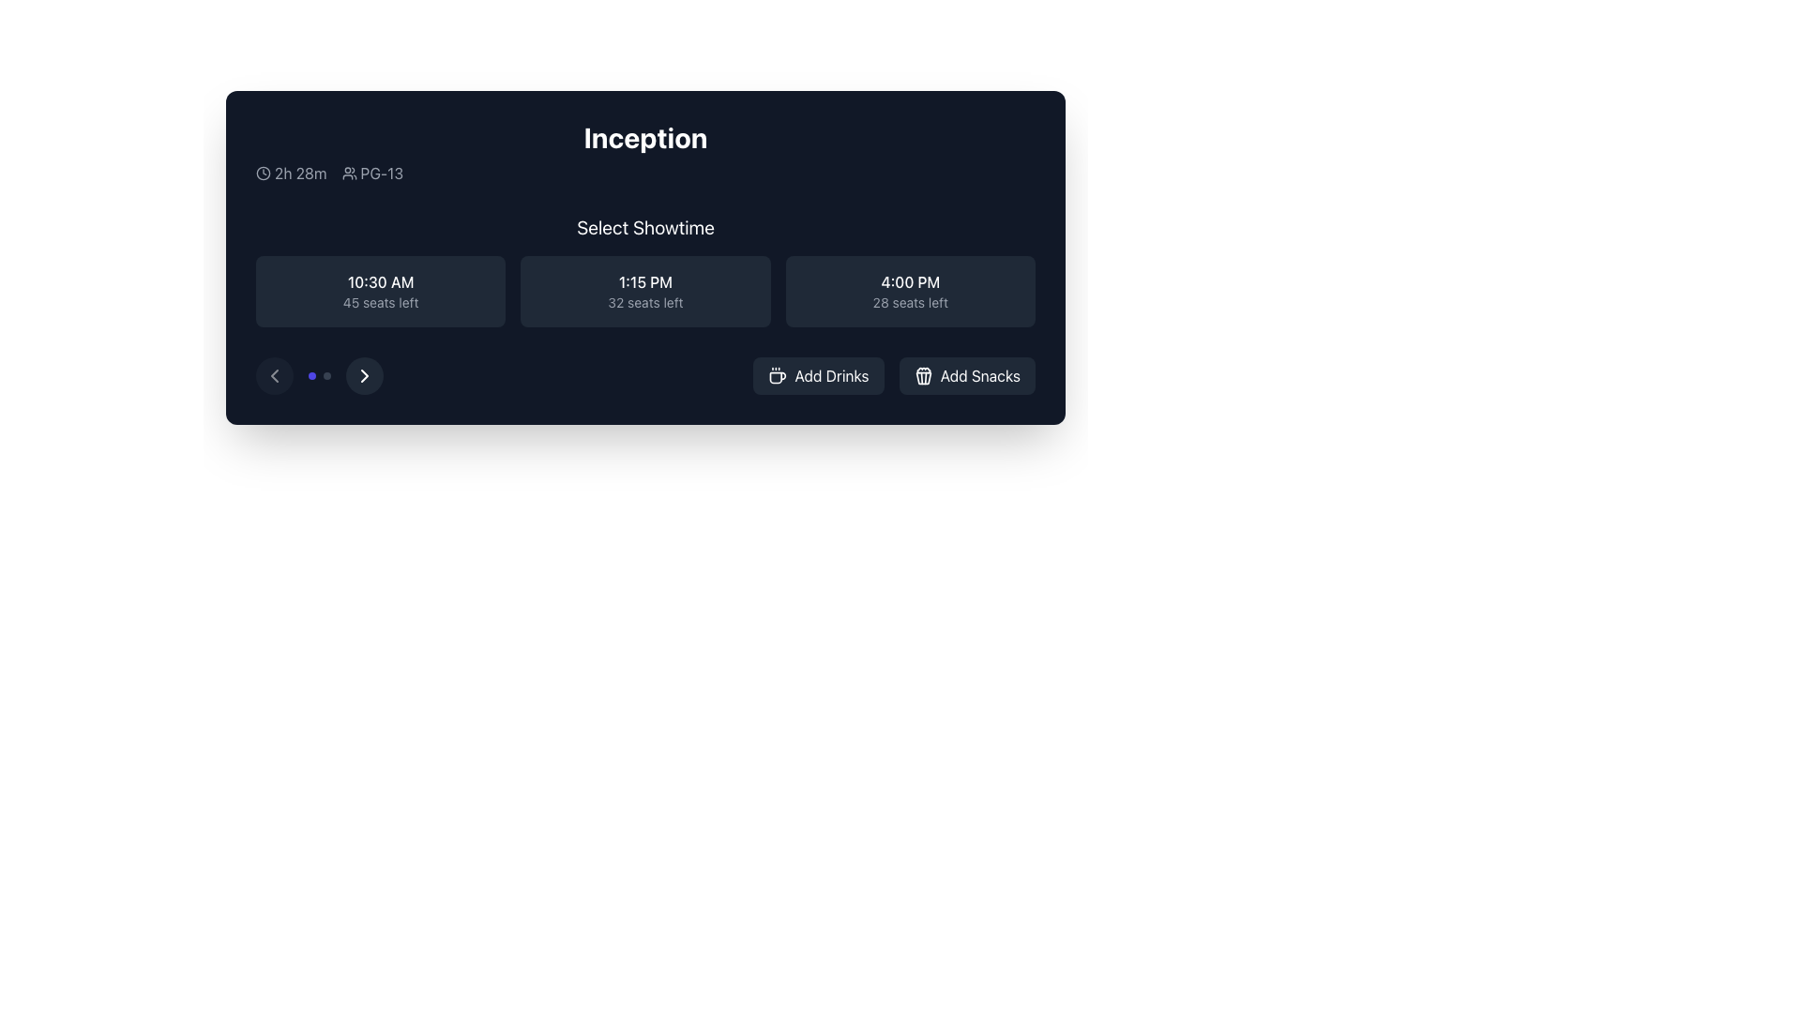 The height and width of the screenshot is (1013, 1801). I want to click on the first button for selecting the 10:30 AM showtime to possibly view additional details or highlight the button, so click(380, 292).